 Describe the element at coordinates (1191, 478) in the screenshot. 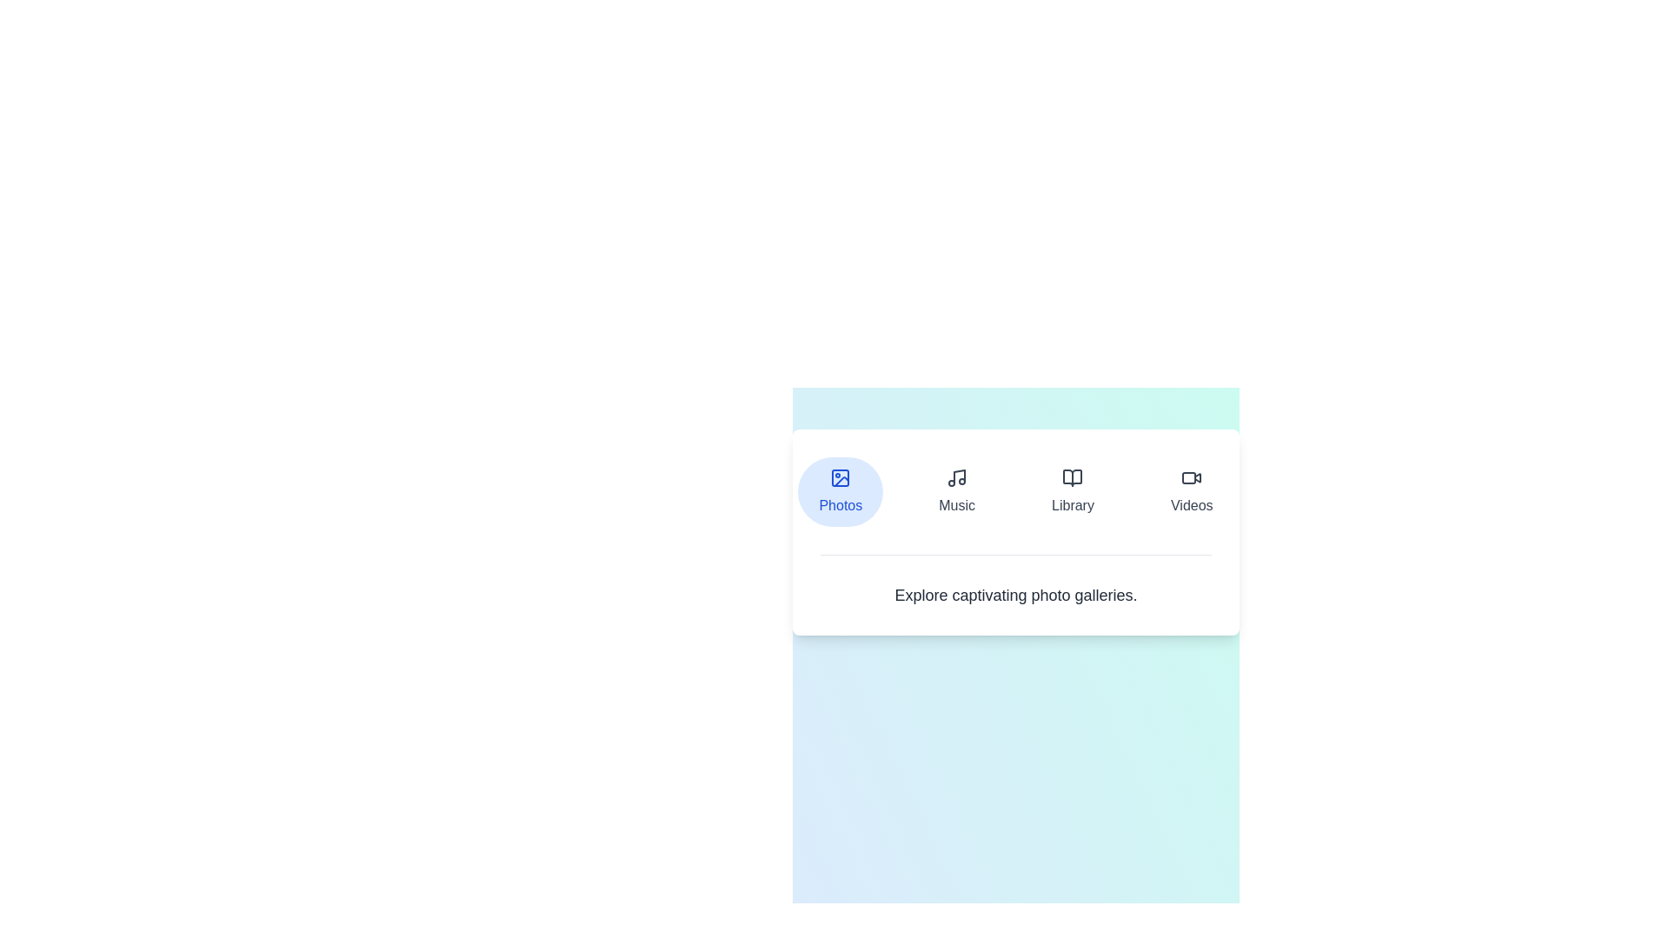

I see `the video icon, which is a minimalistic video camera icon located on the rightmost edge of a horizontal menu` at that location.